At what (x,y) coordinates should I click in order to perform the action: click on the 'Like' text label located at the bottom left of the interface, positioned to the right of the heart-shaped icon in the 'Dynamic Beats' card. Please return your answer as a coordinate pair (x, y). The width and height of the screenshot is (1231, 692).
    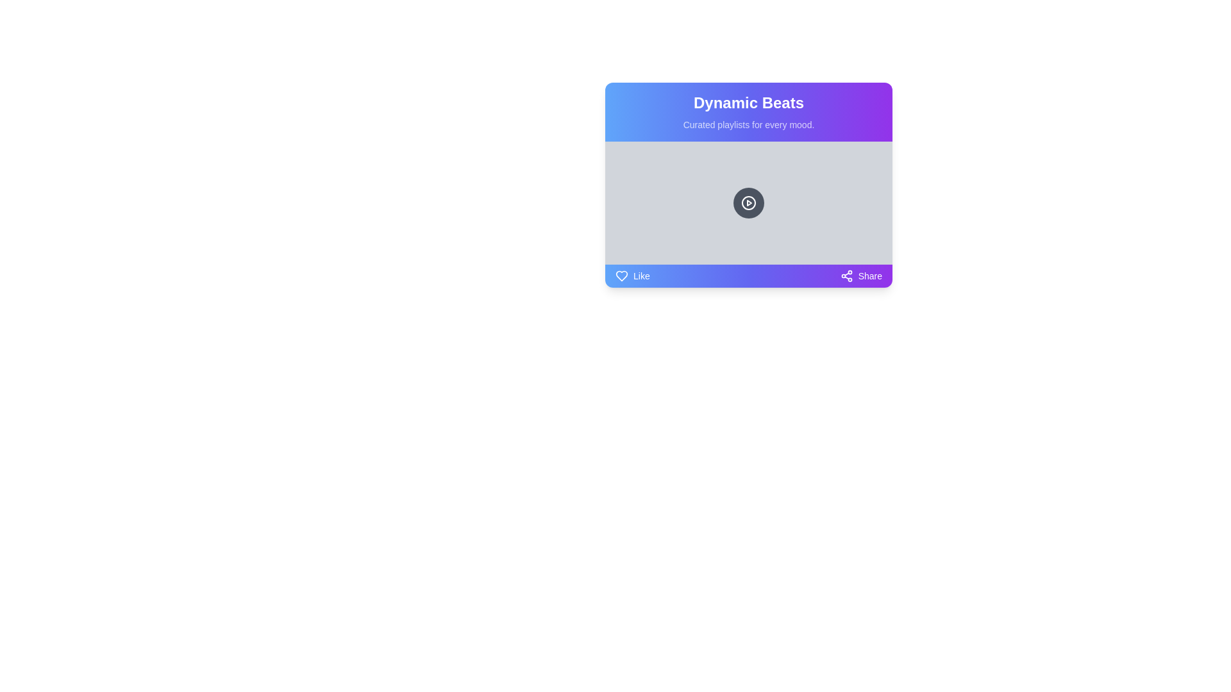
    Looking at the image, I should click on (641, 276).